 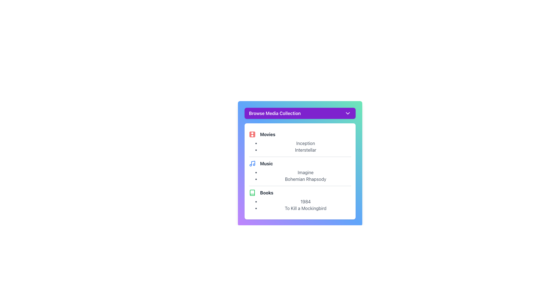 What do you see at coordinates (305, 146) in the screenshot?
I see `the list item in the 'Movies' section of the 'Browse Media Collection' interface to interact with the movie titles 'Inception' and 'Interstellar'` at bounding box center [305, 146].